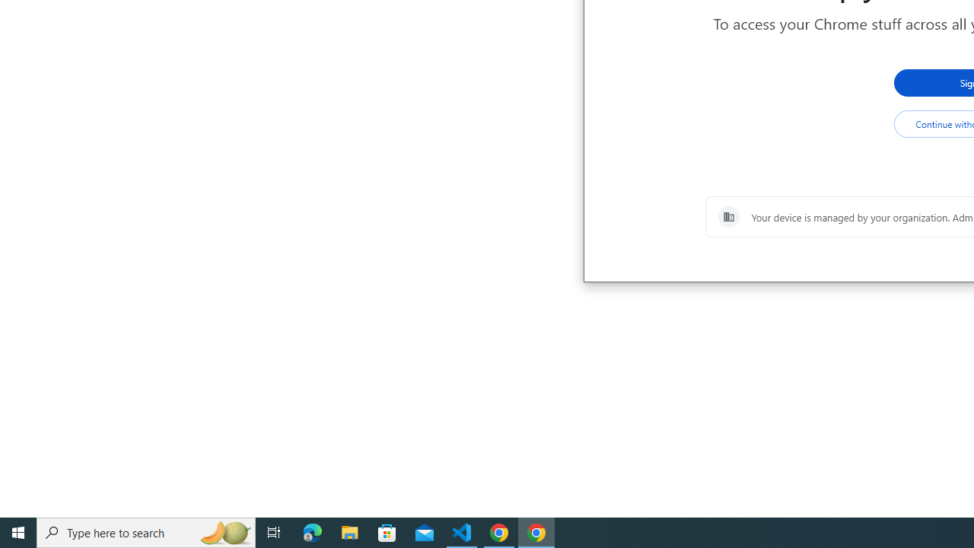 The height and width of the screenshot is (548, 974). Describe the element at coordinates (387, 531) in the screenshot. I see `'Microsoft Store'` at that location.